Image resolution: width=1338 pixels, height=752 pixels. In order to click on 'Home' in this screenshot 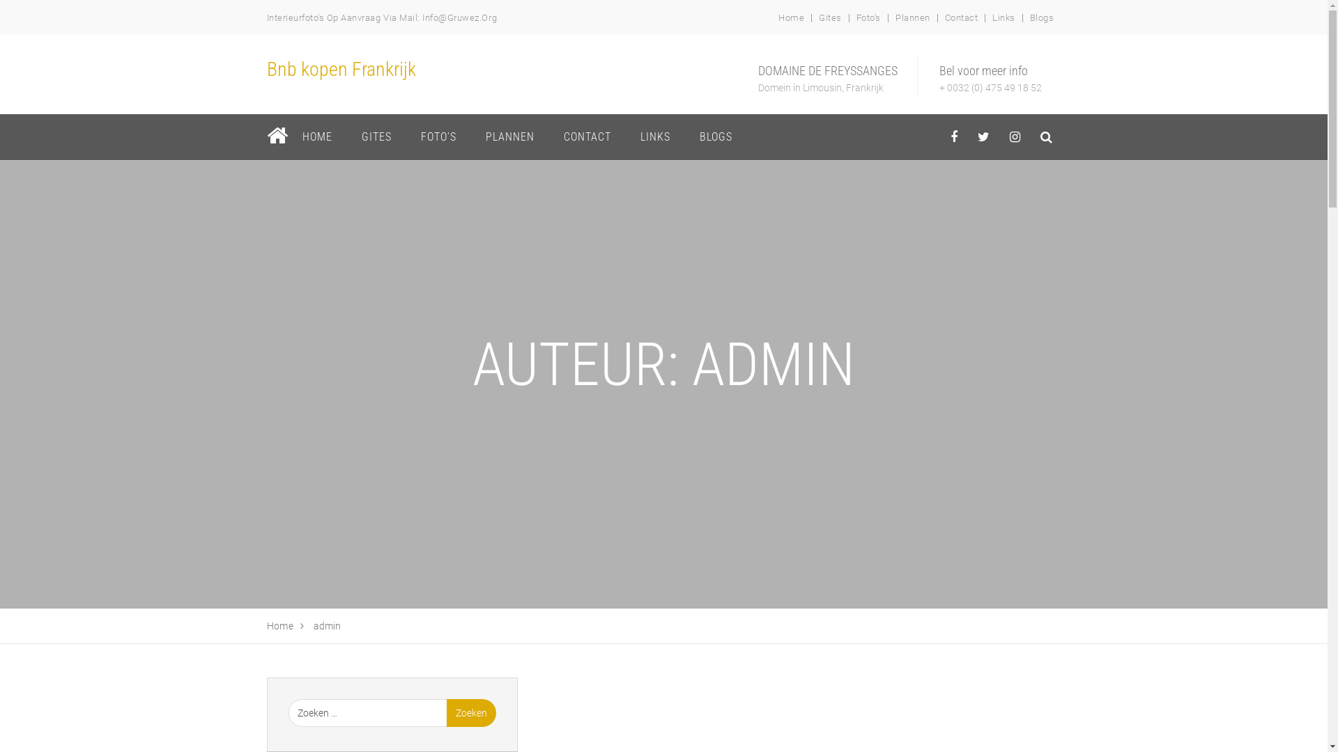, I will do `click(279, 625)`.